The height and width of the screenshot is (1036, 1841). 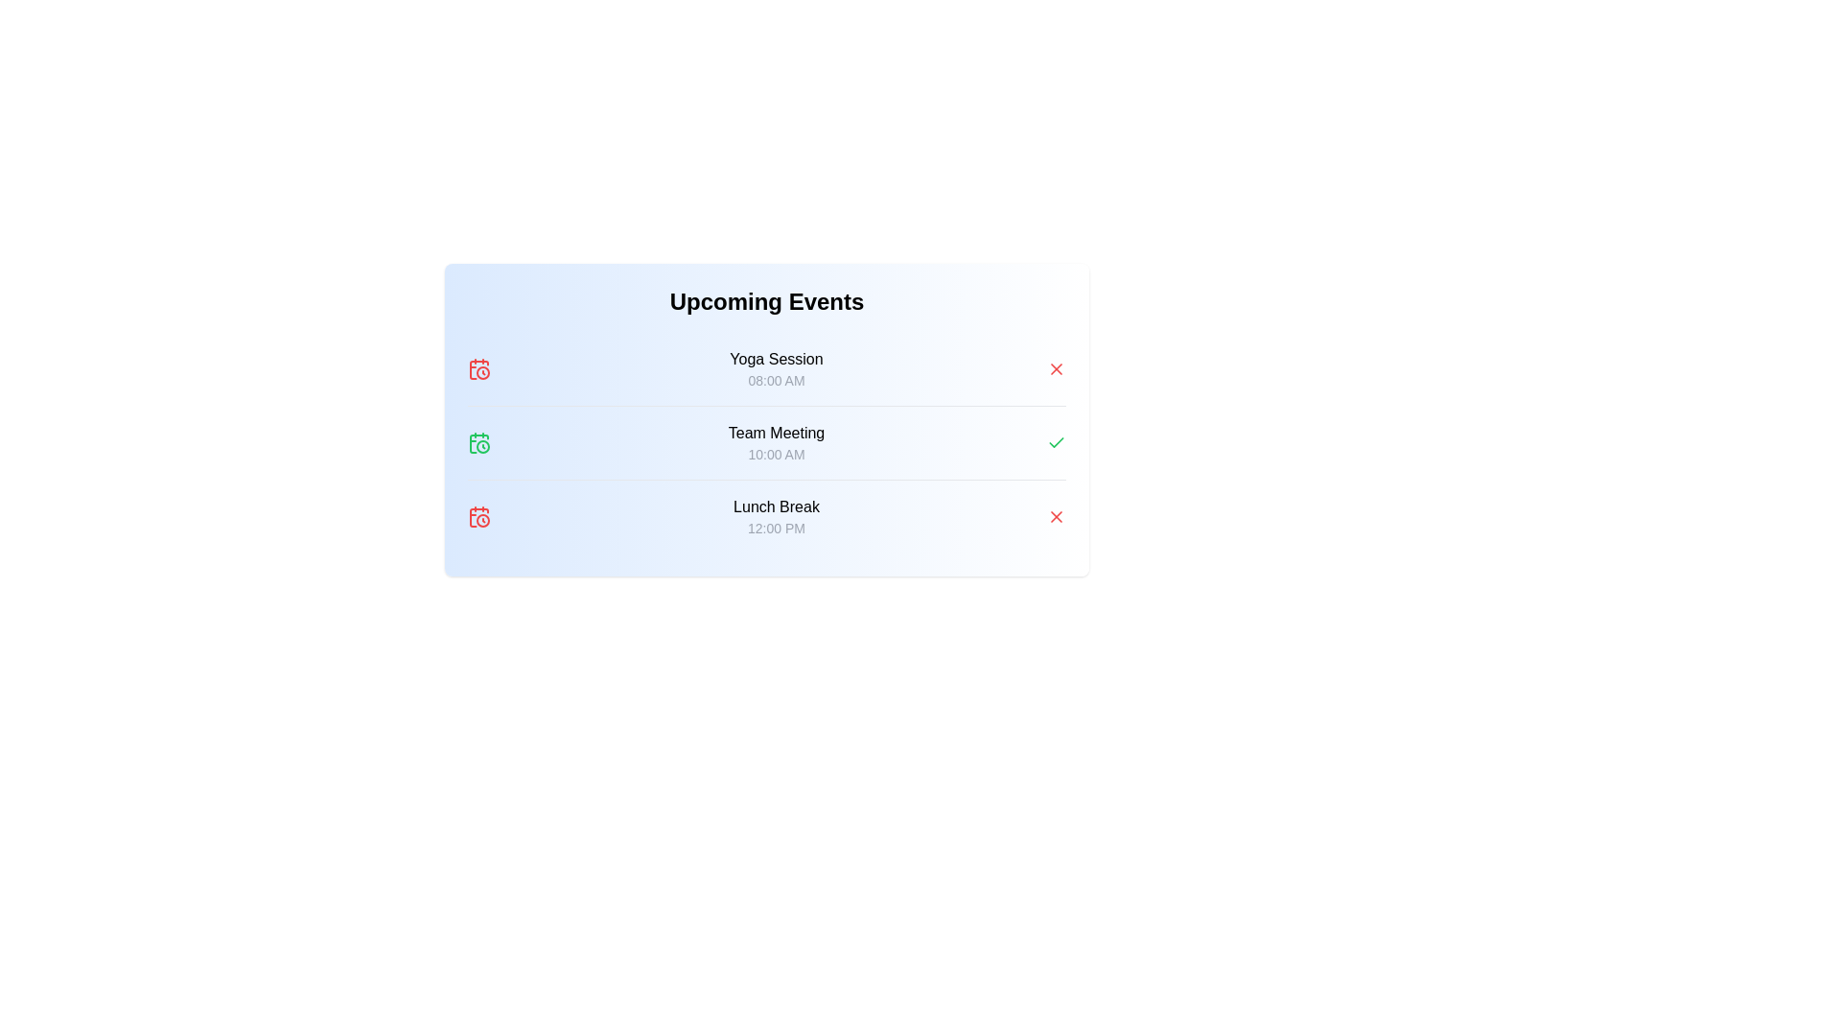 I want to click on the green calendar icon with an embedded clock motif, which is located to the left of the text 'Team Meeting' and '10:00 AM', so click(x=478, y=443).